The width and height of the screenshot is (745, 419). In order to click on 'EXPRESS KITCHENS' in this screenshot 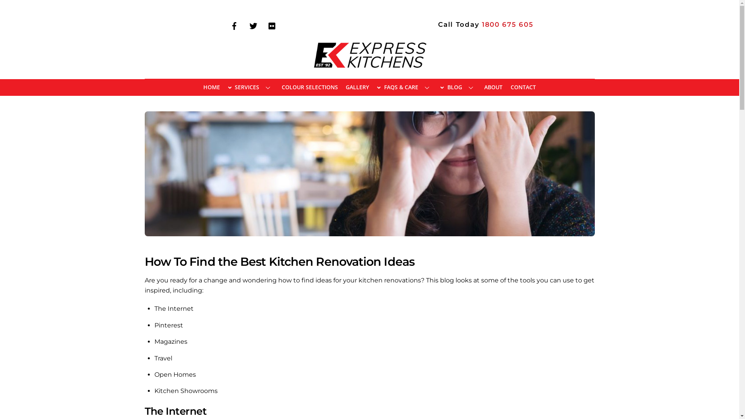, I will do `click(369, 68)`.